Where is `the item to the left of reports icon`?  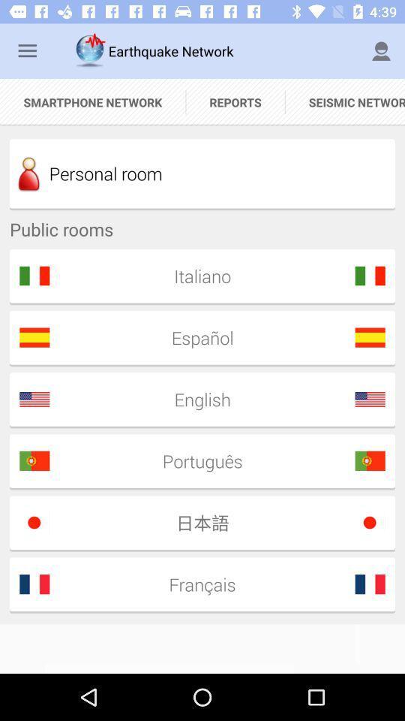
the item to the left of reports icon is located at coordinates (92, 101).